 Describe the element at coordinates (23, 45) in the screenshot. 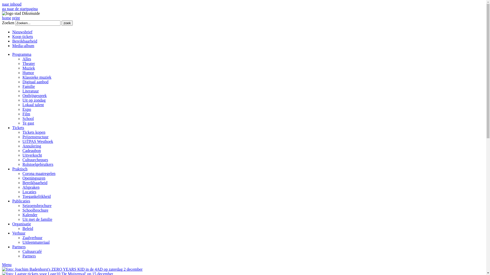

I see `'Media-album'` at that location.